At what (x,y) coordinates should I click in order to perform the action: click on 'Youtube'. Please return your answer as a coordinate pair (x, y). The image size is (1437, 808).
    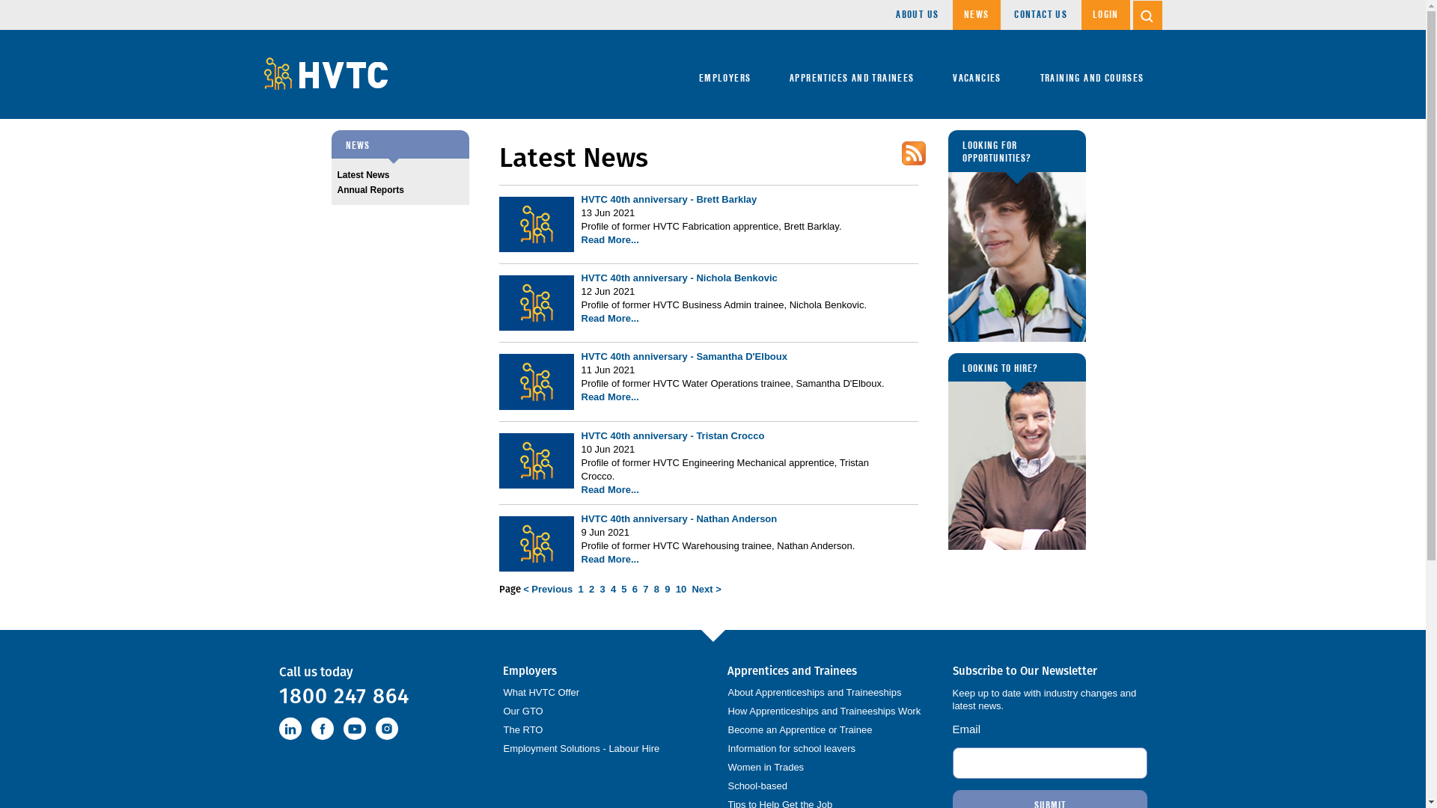
    Looking at the image, I should click on (353, 728).